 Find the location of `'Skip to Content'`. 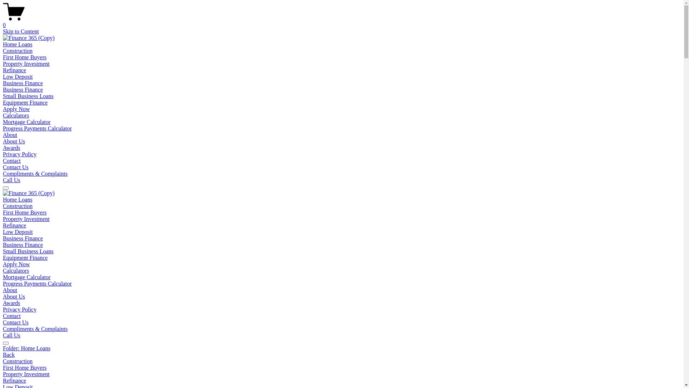

'Skip to Content' is located at coordinates (20, 31).